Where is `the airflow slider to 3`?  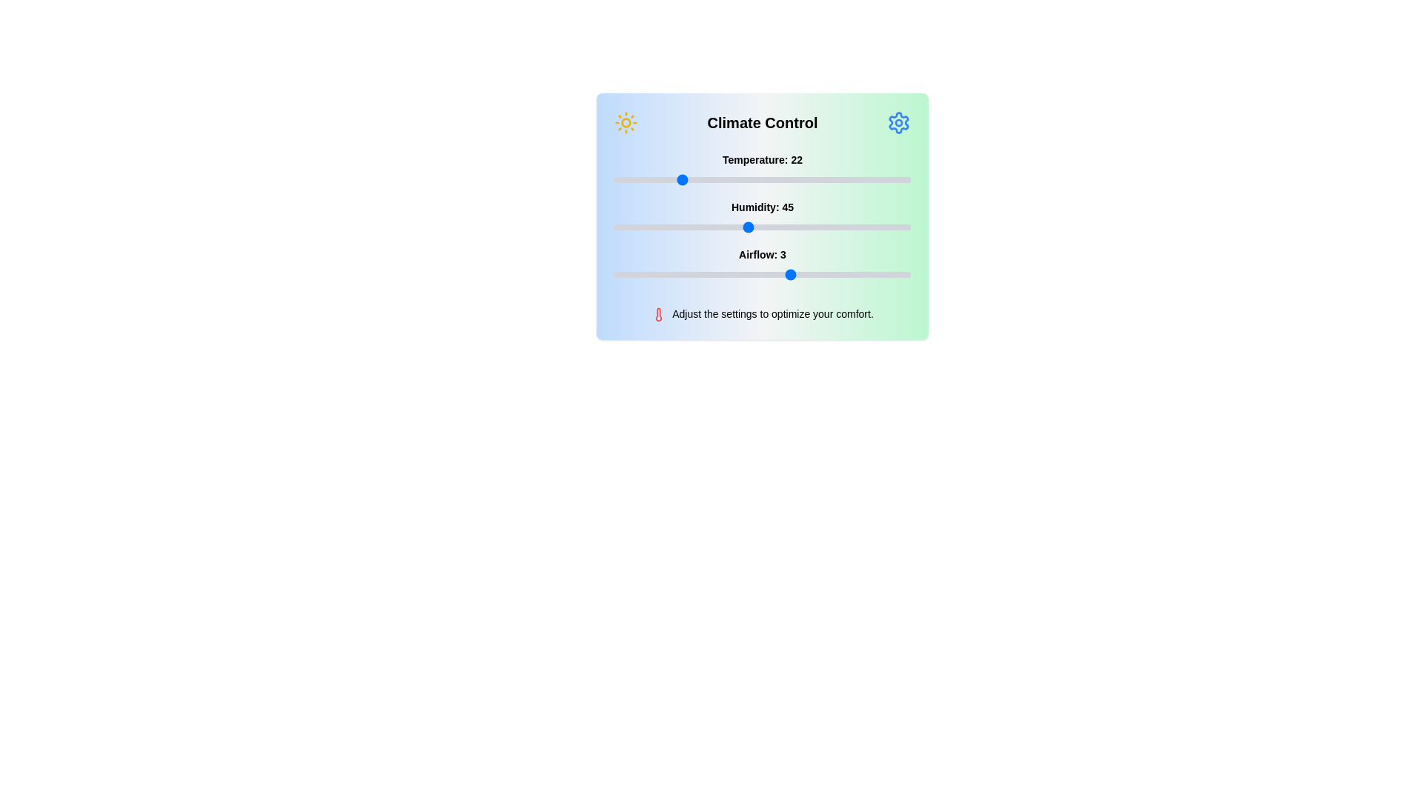
the airflow slider to 3 is located at coordinates (792, 274).